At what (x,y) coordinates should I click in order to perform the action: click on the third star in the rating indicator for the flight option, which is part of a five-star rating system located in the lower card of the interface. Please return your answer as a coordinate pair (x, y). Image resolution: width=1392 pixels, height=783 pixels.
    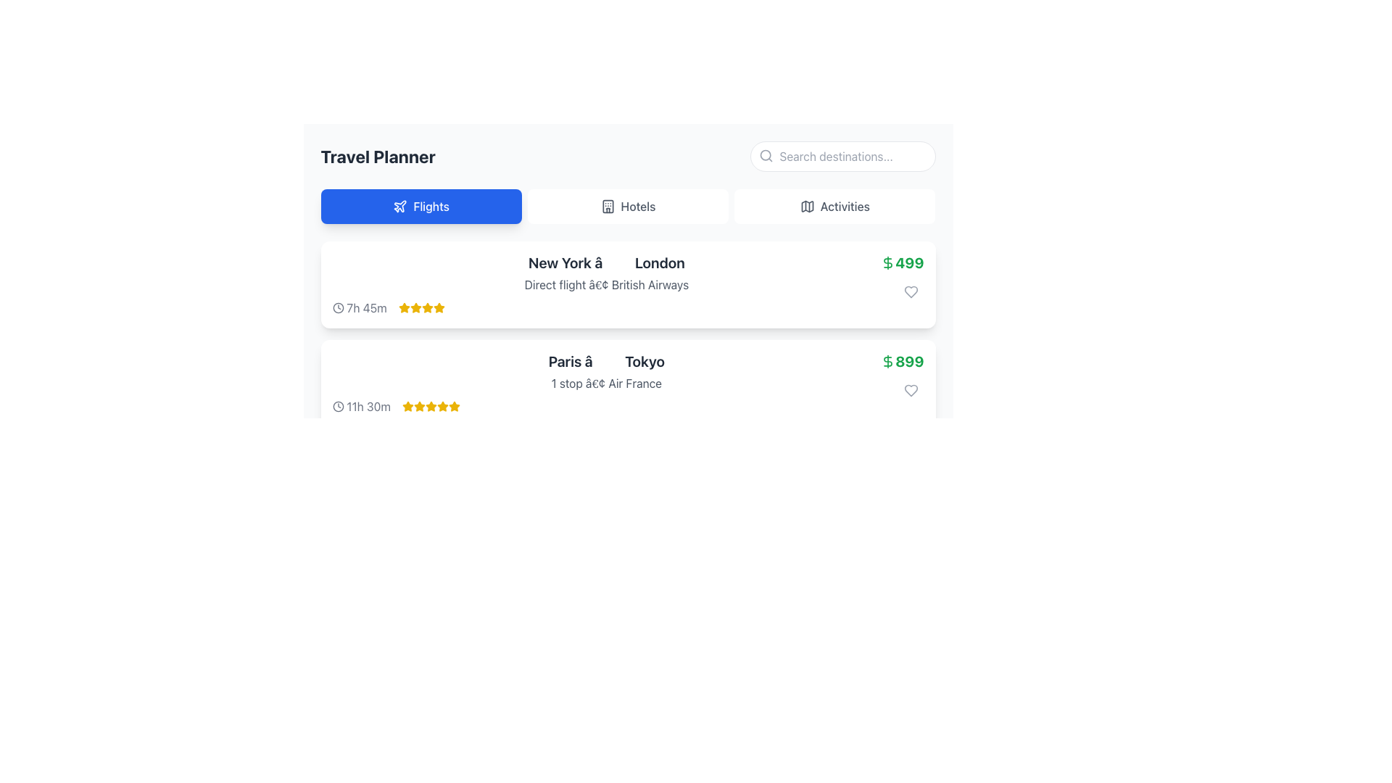
    Looking at the image, I should click on (431, 406).